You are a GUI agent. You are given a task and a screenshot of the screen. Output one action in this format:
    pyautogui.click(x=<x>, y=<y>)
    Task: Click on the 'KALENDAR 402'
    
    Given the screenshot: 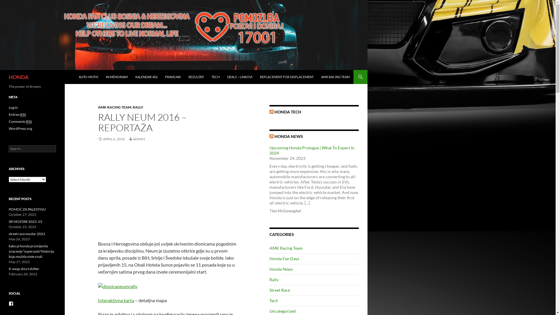 What is the action you would take?
    pyautogui.click(x=146, y=76)
    